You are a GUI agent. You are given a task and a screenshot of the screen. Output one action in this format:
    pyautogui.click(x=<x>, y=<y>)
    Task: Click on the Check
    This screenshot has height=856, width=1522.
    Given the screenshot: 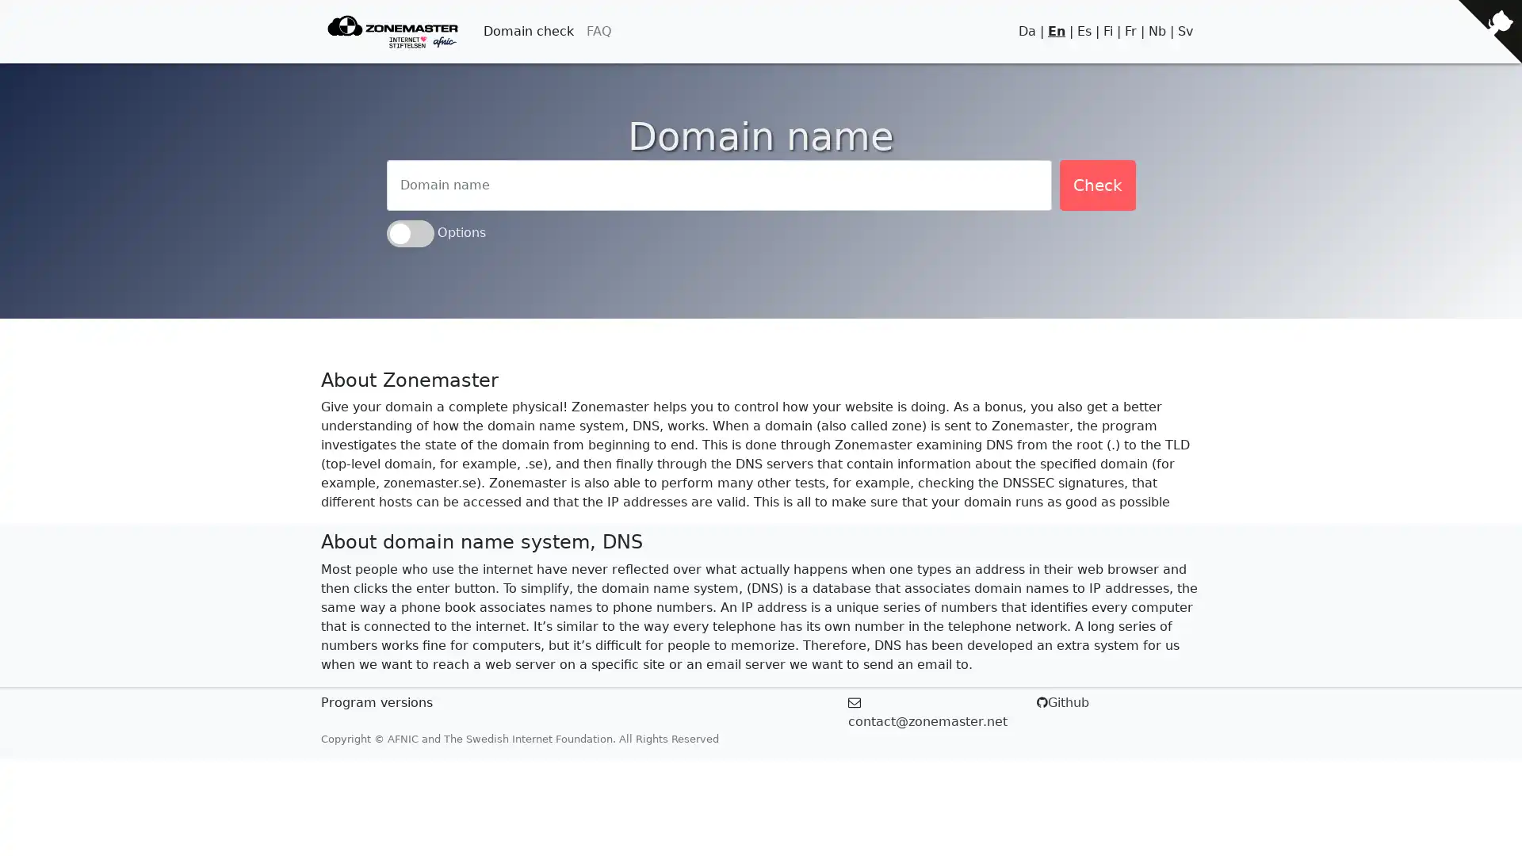 What is the action you would take?
    pyautogui.click(x=1096, y=183)
    